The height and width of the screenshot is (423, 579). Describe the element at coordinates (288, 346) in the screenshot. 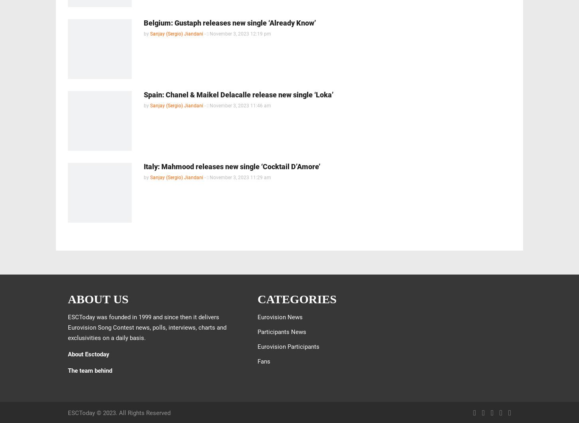

I see `'Eurovision Participants'` at that location.